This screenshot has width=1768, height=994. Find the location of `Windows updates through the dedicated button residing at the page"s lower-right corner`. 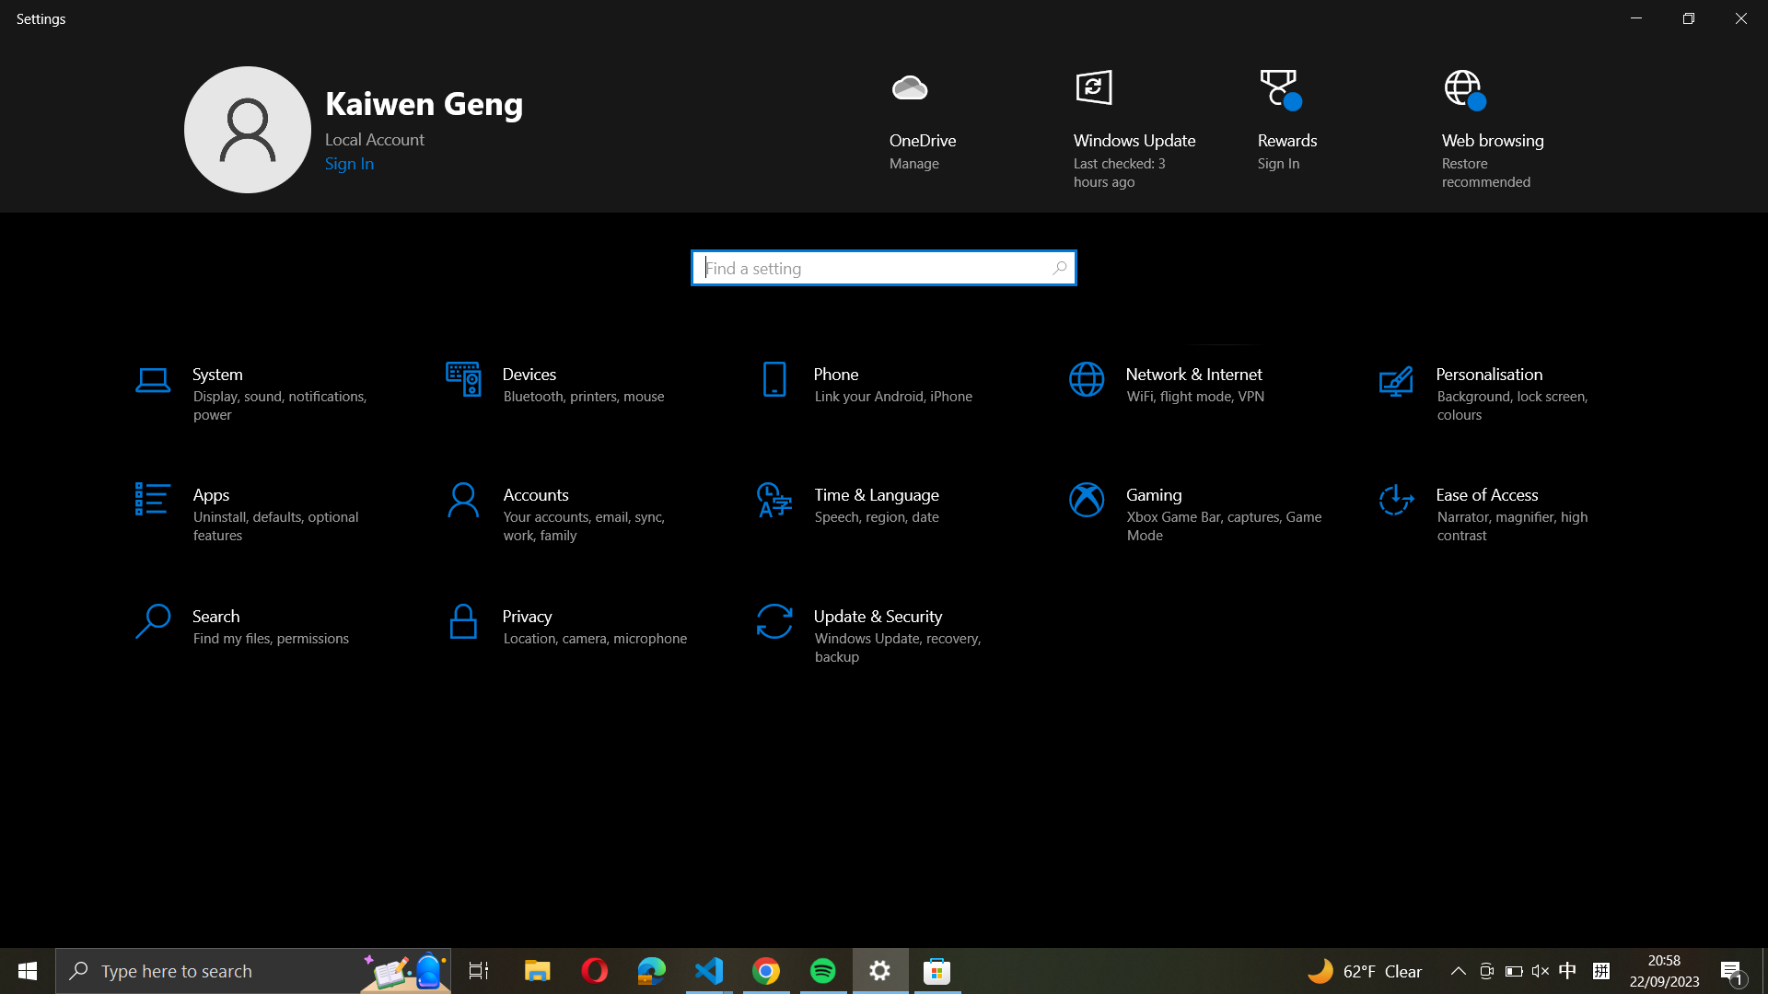

Windows updates through the dedicated button residing at the page"s lower-right corner is located at coordinates (1123, 126).